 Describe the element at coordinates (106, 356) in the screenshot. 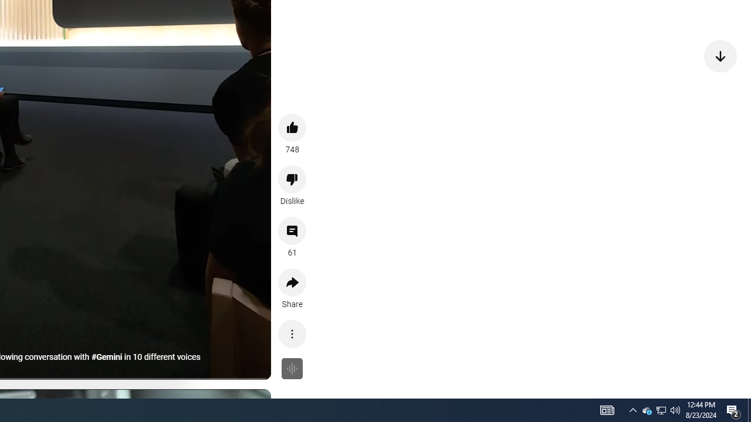

I see `'#Gemini'` at that location.